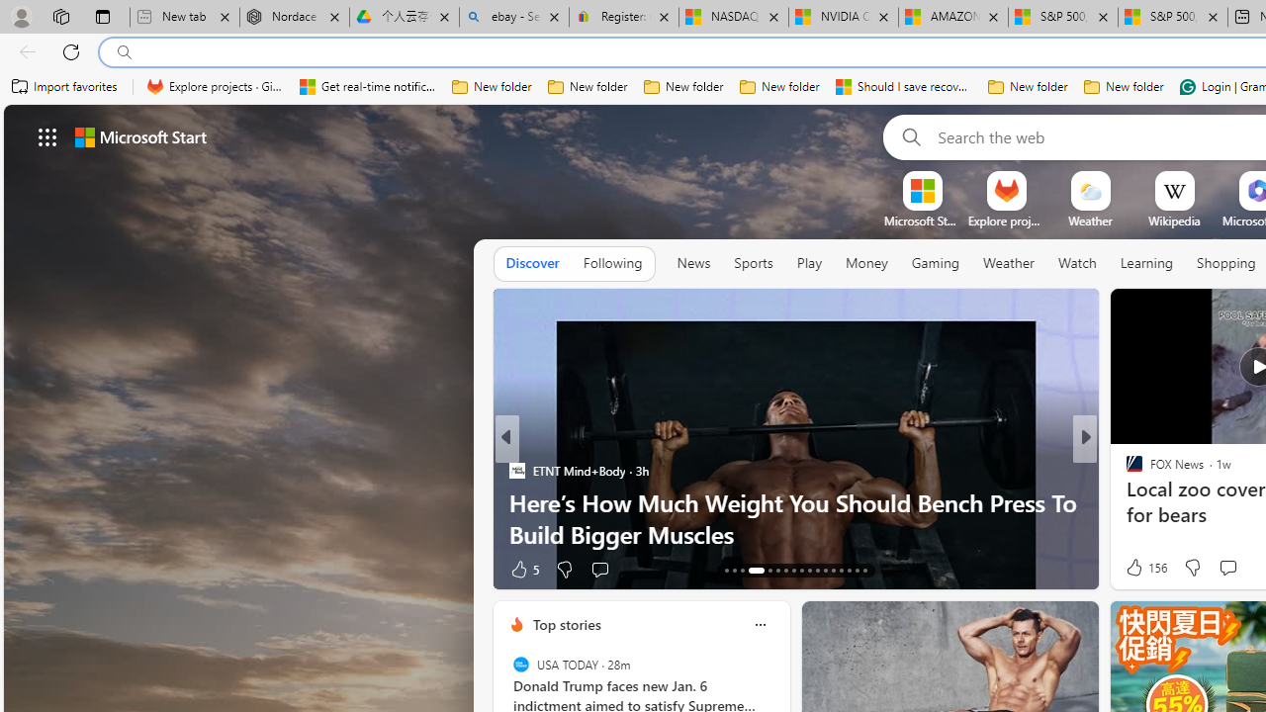 The height and width of the screenshot is (712, 1266). Describe the element at coordinates (1126, 500) in the screenshot. I see `'Animals Around The Globe (US)'` at that location.